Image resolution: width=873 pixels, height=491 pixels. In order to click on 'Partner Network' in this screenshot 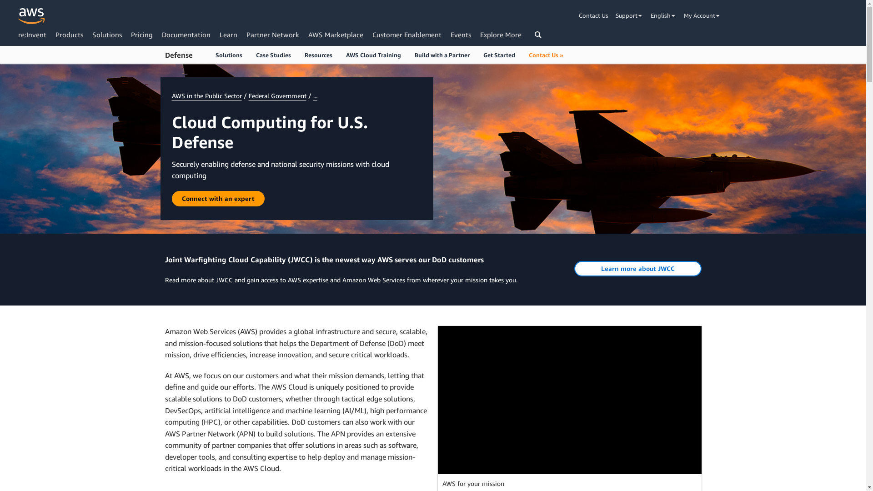, I will do `click(272, 34)`.